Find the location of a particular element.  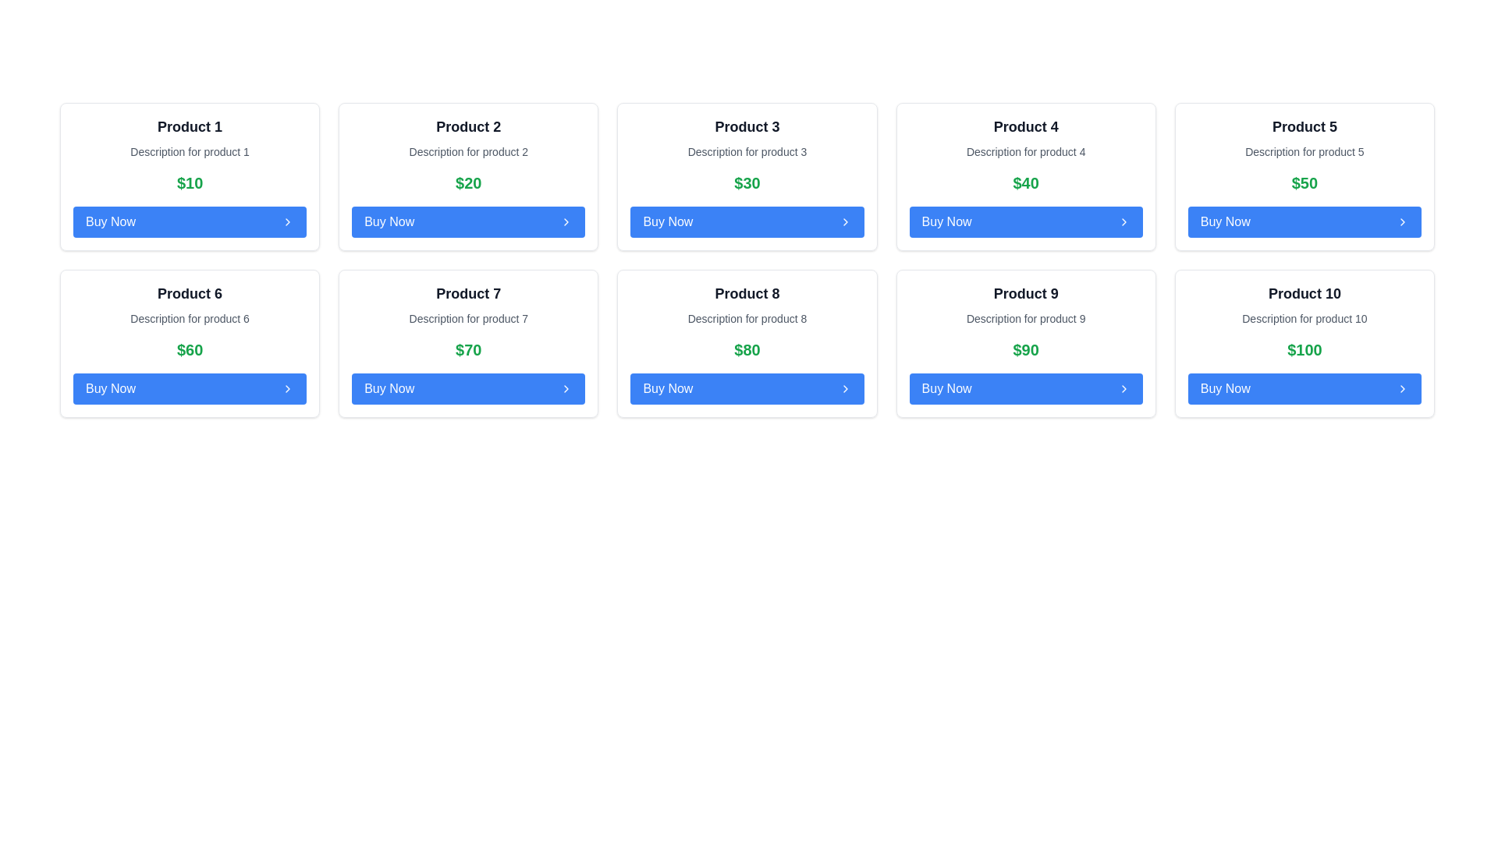

the Product card element located in the second row, first column of the grid layout, which contains product information and a purchase button is located at coordinates (189, 342).